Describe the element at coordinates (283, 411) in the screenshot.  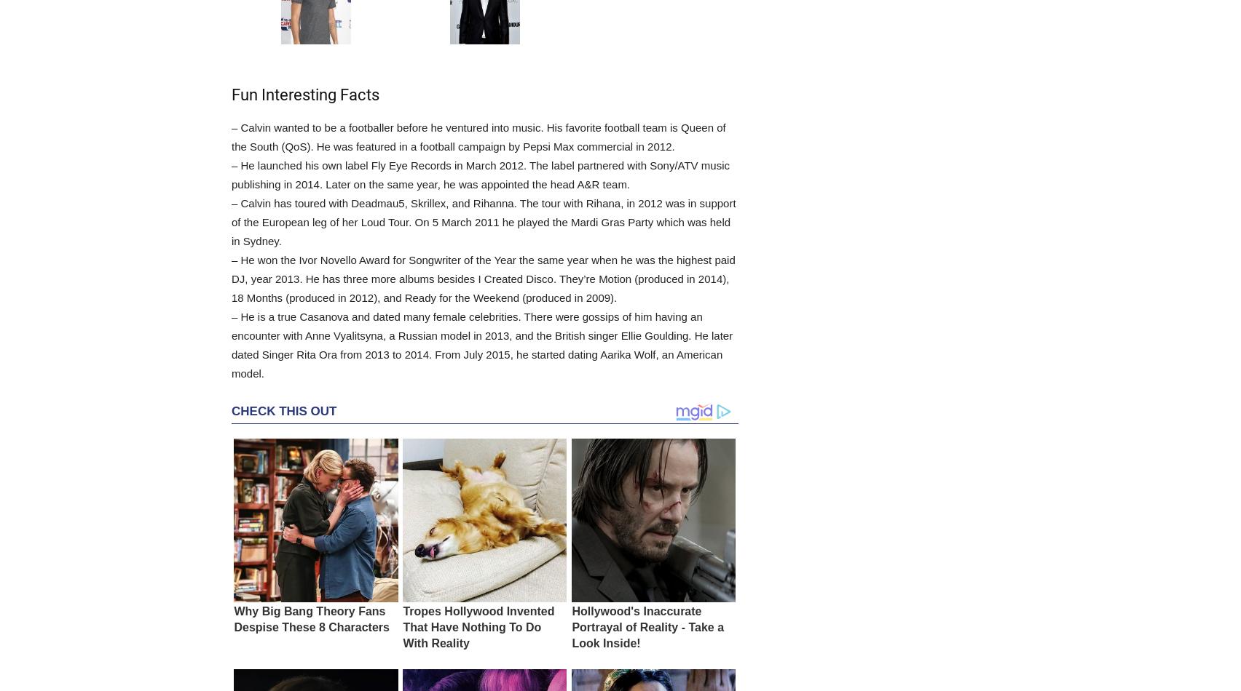
I see `'Check This Out'` at that location.